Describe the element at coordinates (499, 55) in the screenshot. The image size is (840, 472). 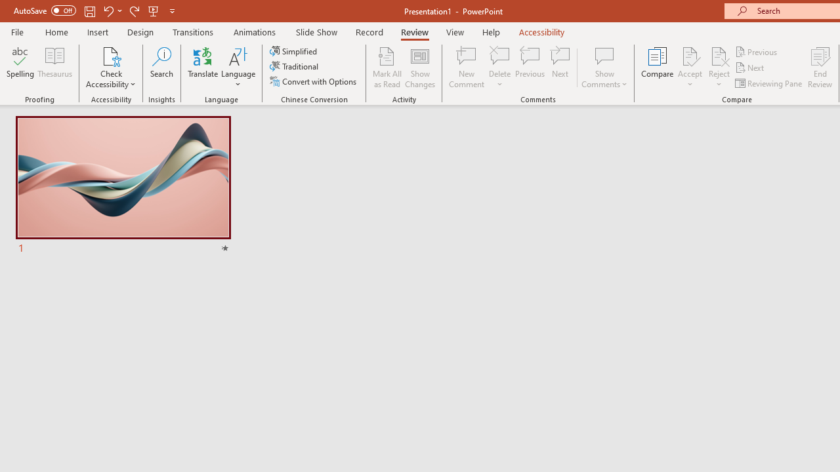
I see `'Delete'` at that location.